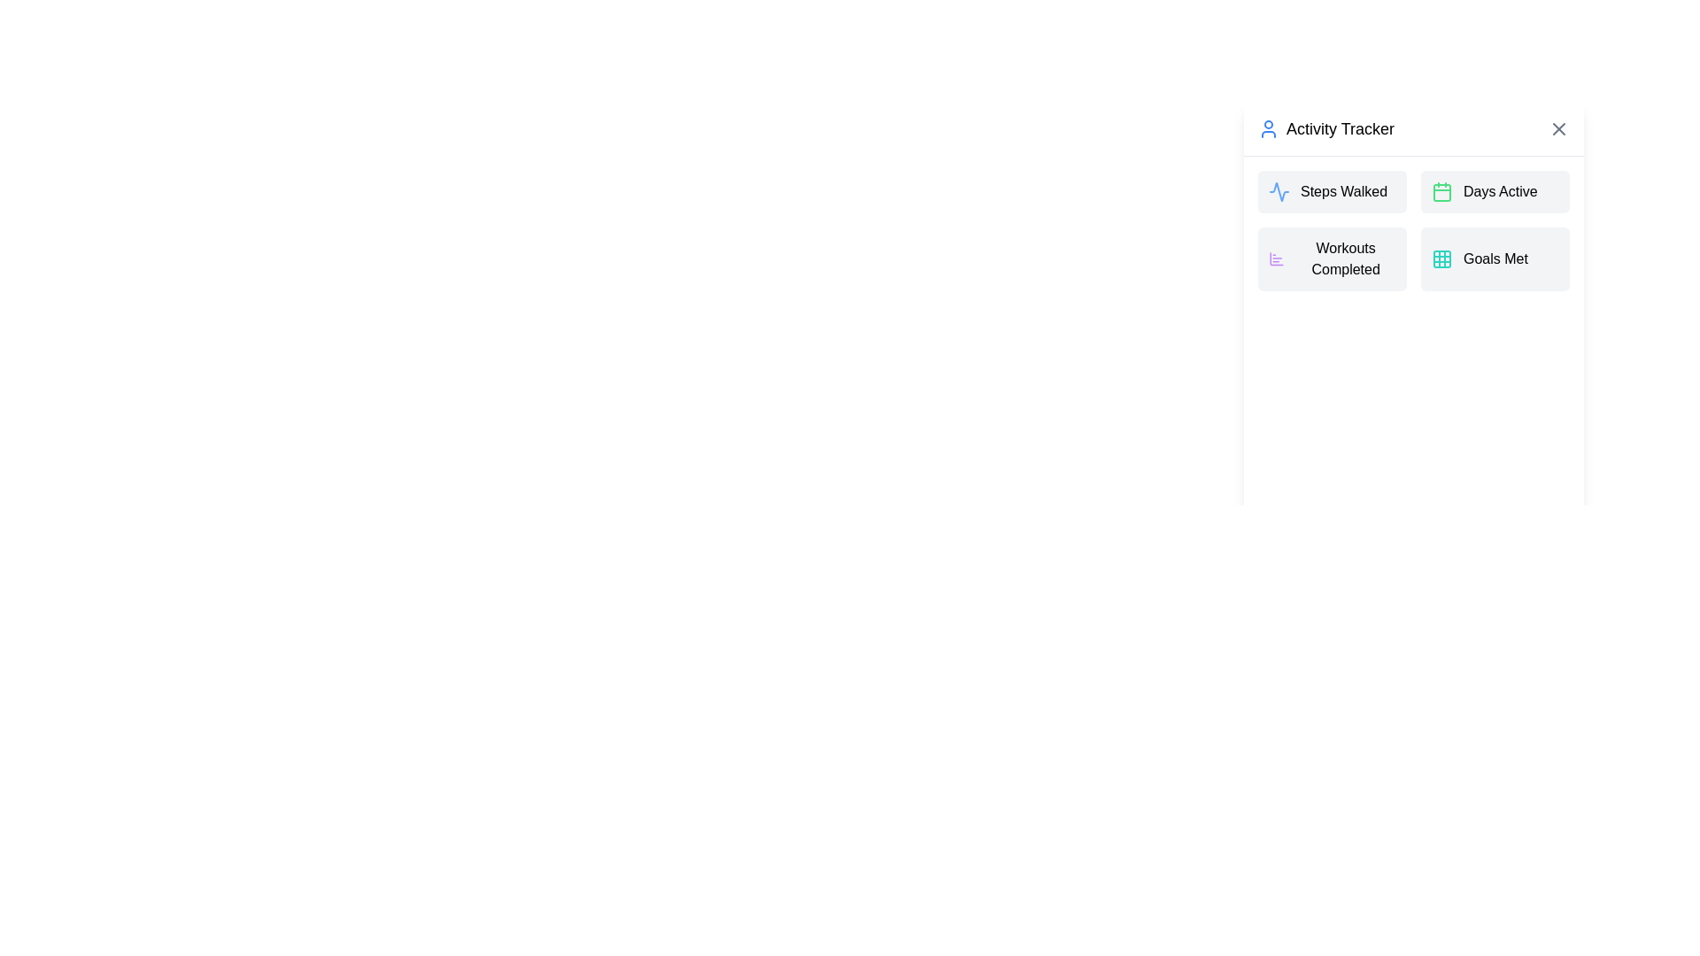 The width and height of the screenshot is (1700, 956). I want to click on the 'Workouts Completed' button, so click(1333, 259).